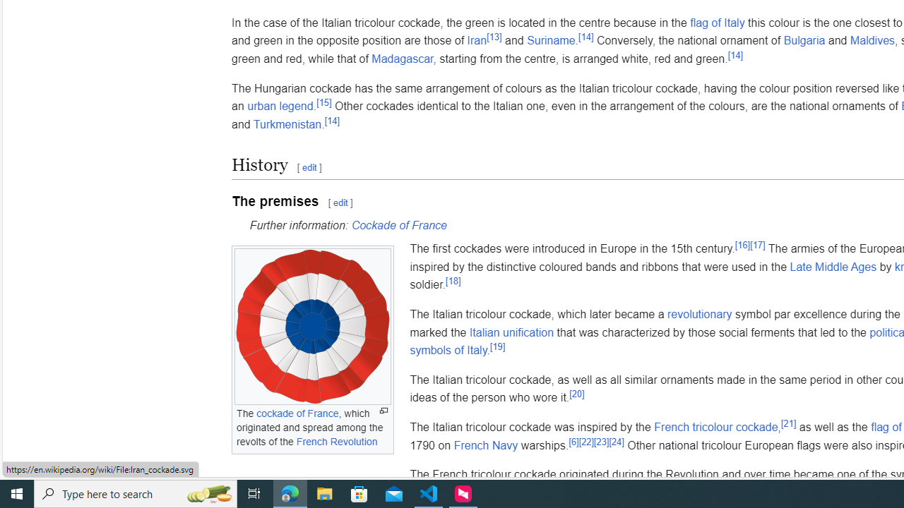 The width and height of the screenshot is (904, 508). Describe the element at coordinates (287, 123) in the screenshot. I see `'Turkmenistan'` at that location.